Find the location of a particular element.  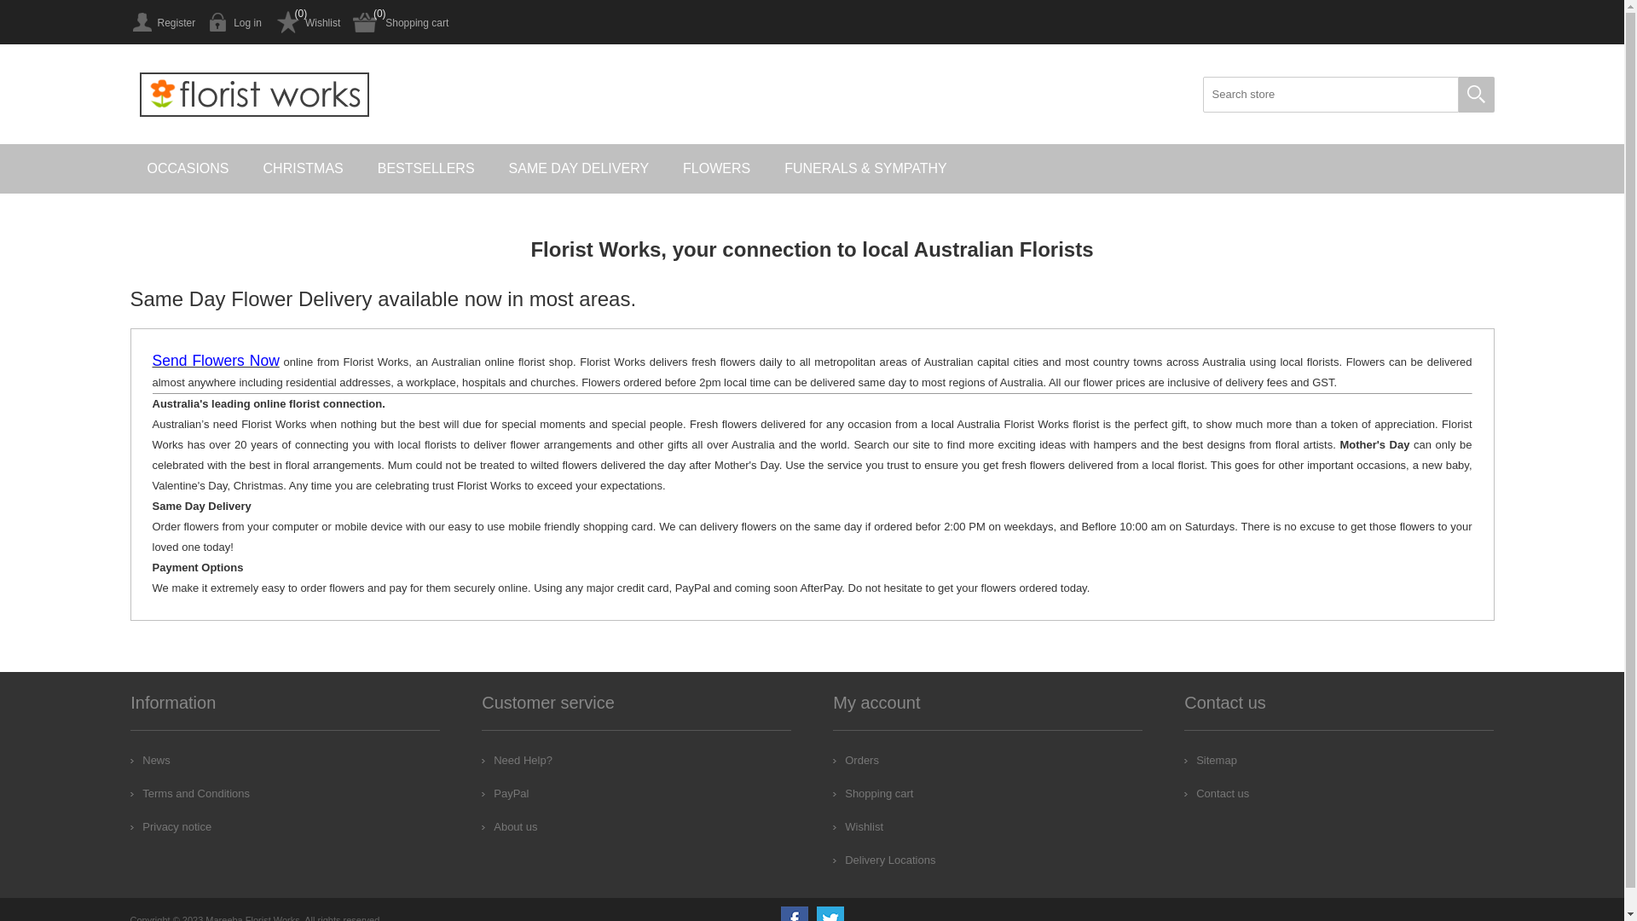

'Shopping cart' is located at coordinates (400, 22).